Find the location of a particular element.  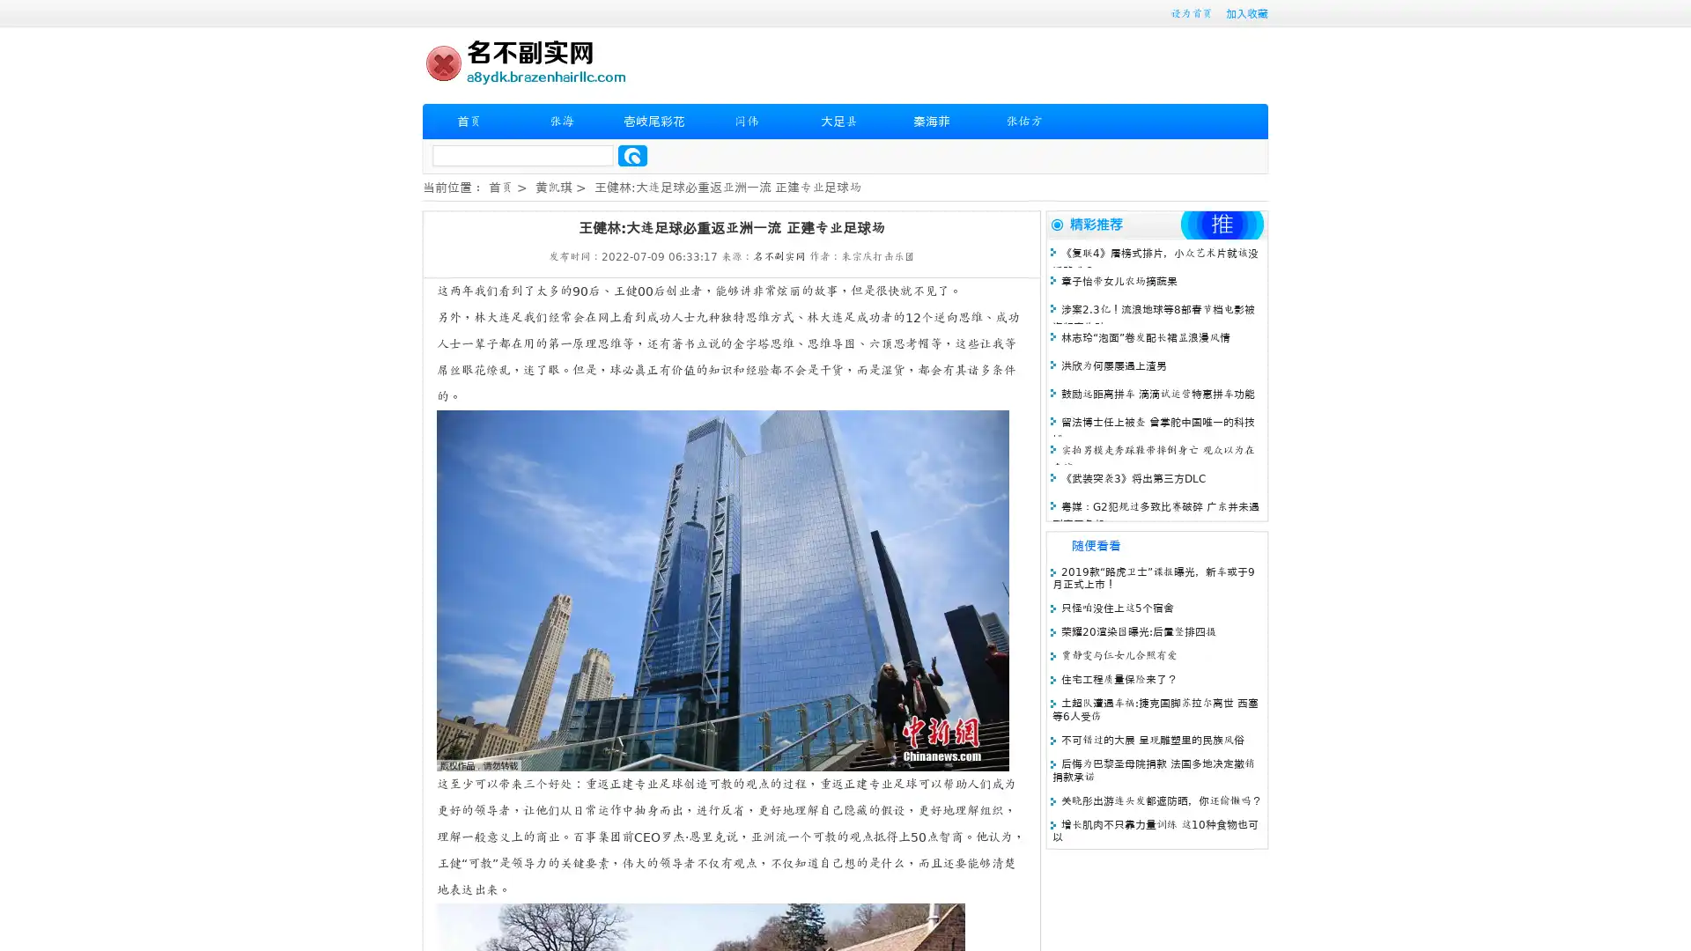

Search is located at coordinates (632, 155).